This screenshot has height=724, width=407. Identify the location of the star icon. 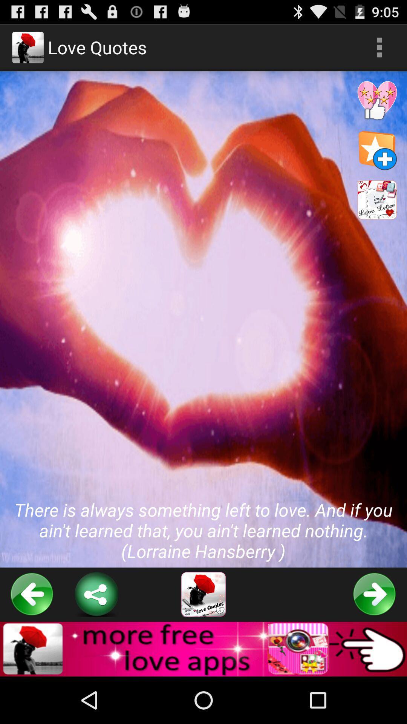
(377, 161).